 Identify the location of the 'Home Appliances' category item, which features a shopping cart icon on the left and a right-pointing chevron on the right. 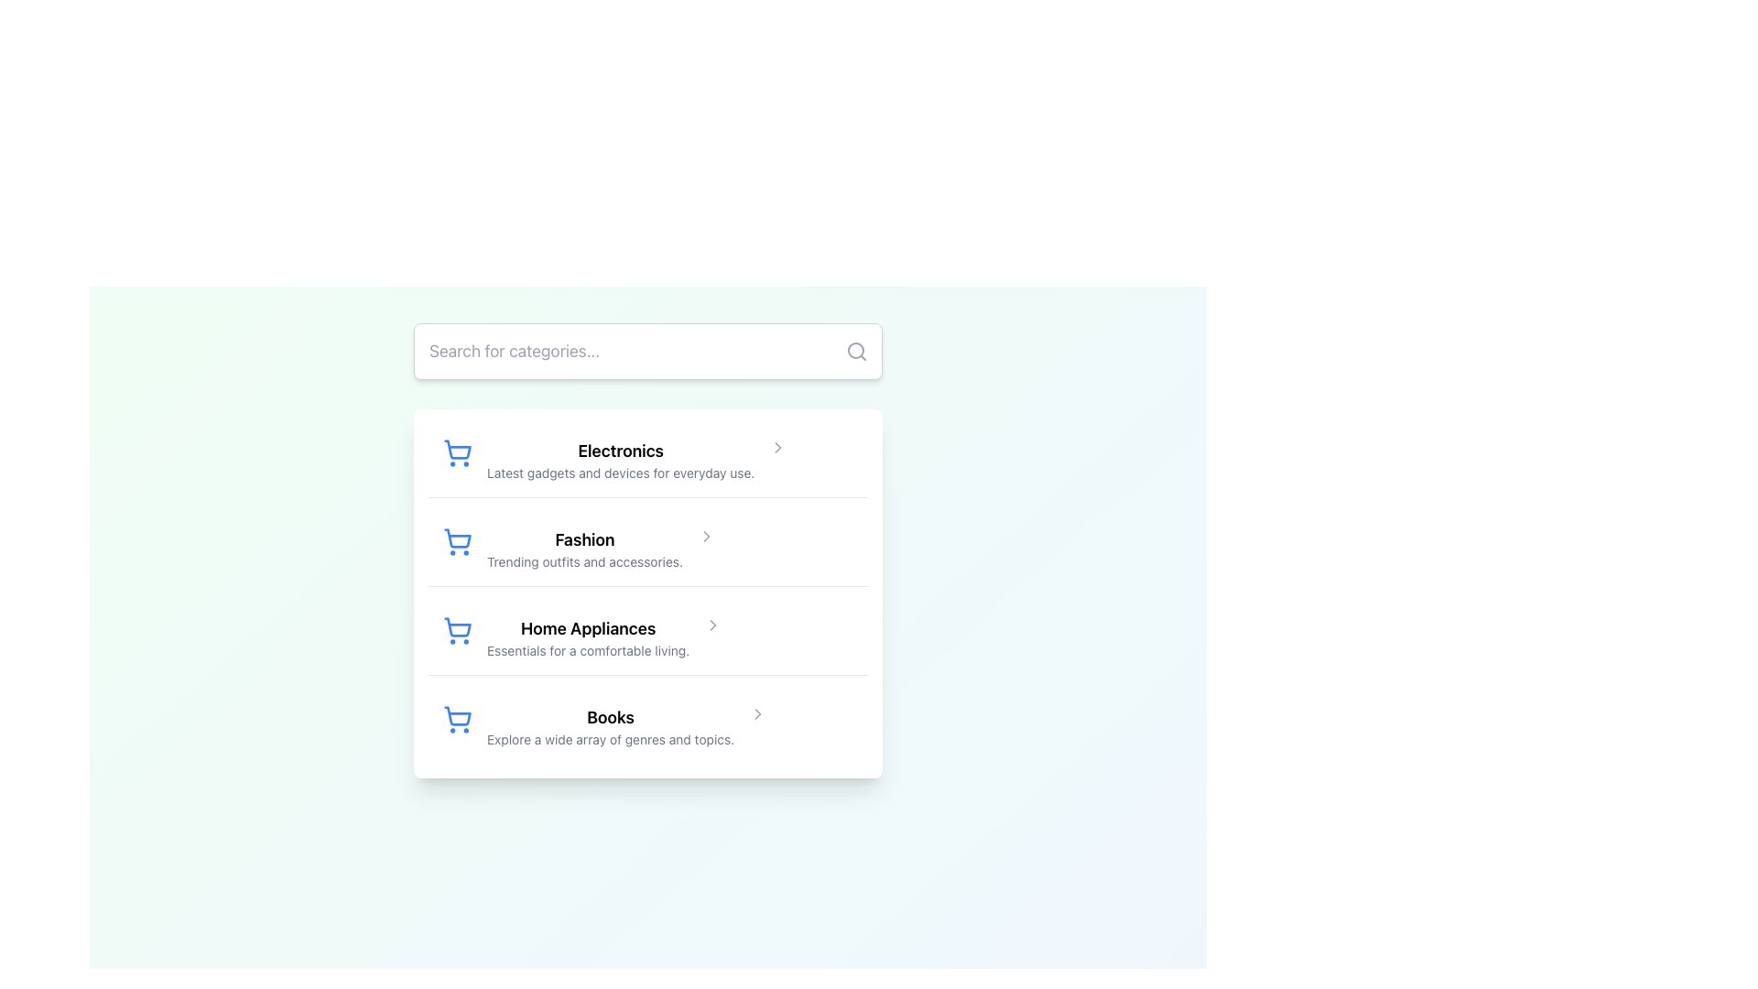
(648, 637).